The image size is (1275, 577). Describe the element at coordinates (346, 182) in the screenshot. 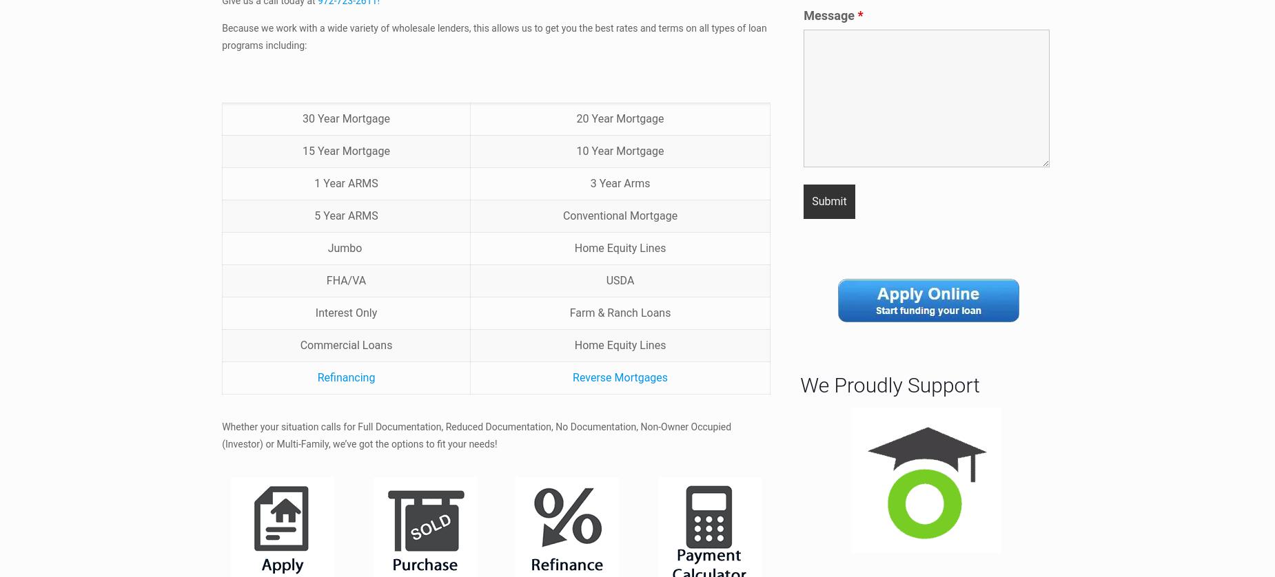

I see `'1 Year ARMS'` at that location.